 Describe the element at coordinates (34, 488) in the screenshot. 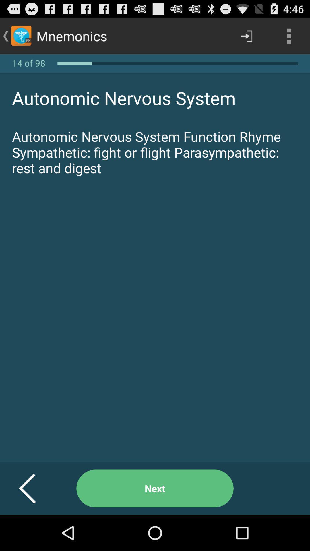

I see `icon to the left of next item` at that location.